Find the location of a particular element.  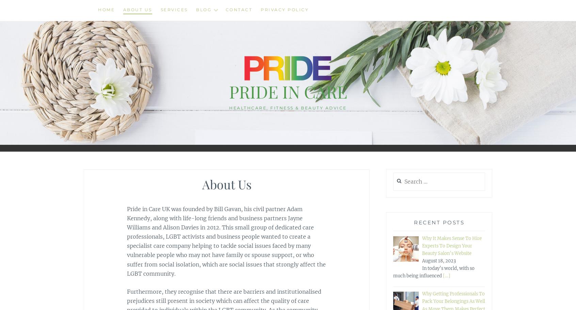

'Services' is located at coordinates (174, 10).